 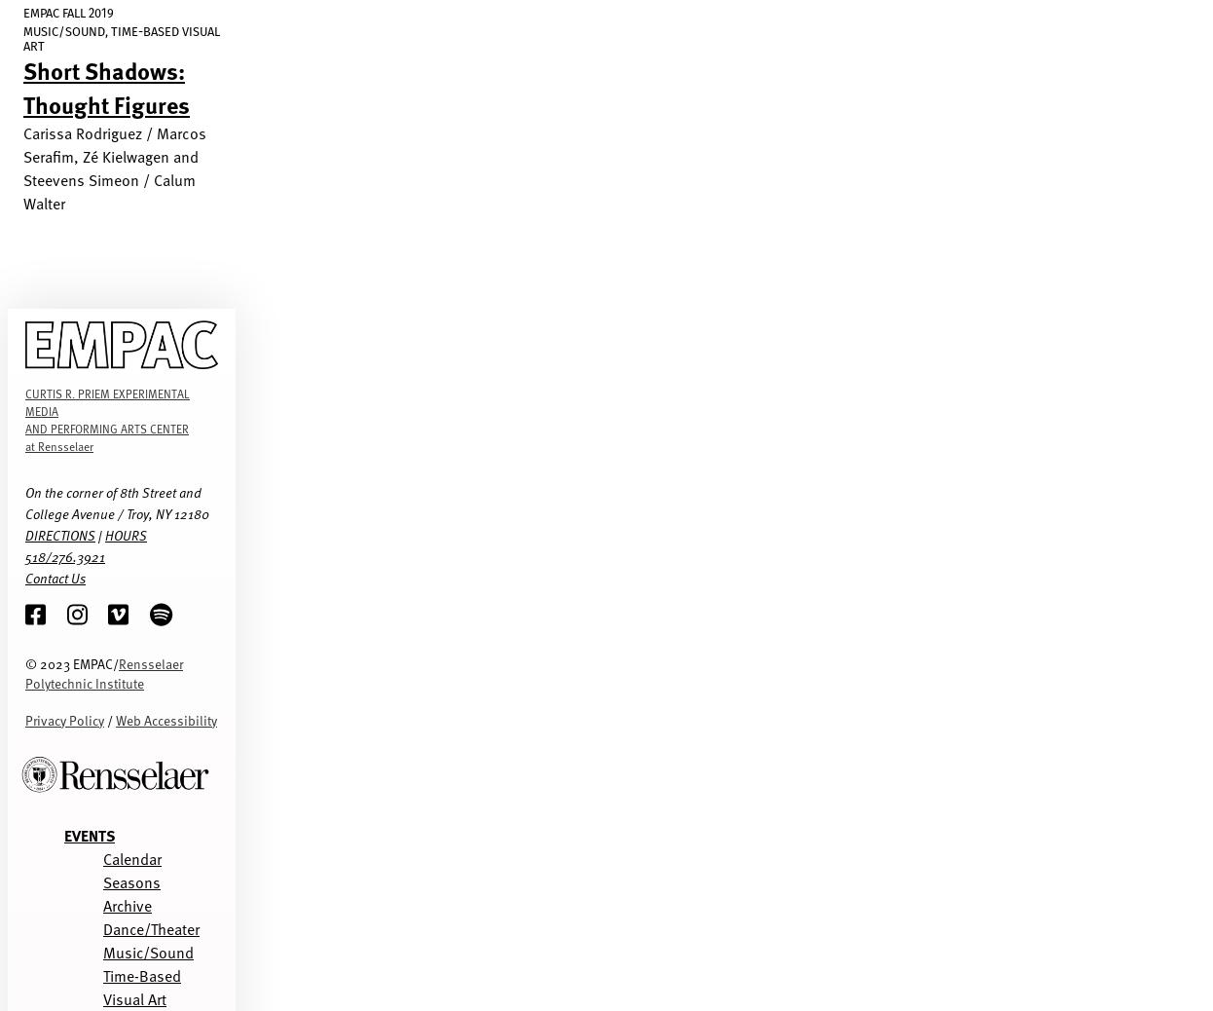 What do you see at coordinates (109, 718) in the screenshot?
I see `'/'` at bounding box center [109, 718].